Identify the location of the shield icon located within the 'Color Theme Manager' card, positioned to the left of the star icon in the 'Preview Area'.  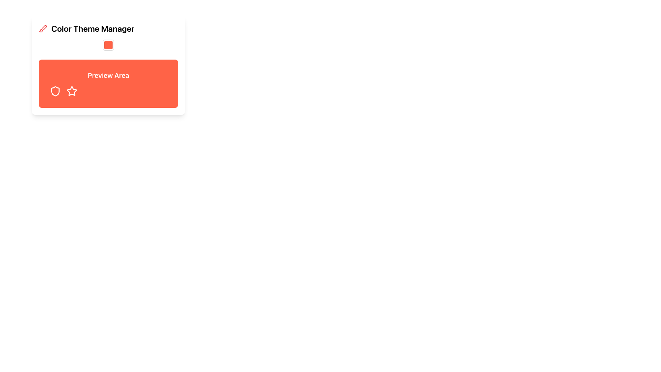
(55, 91).